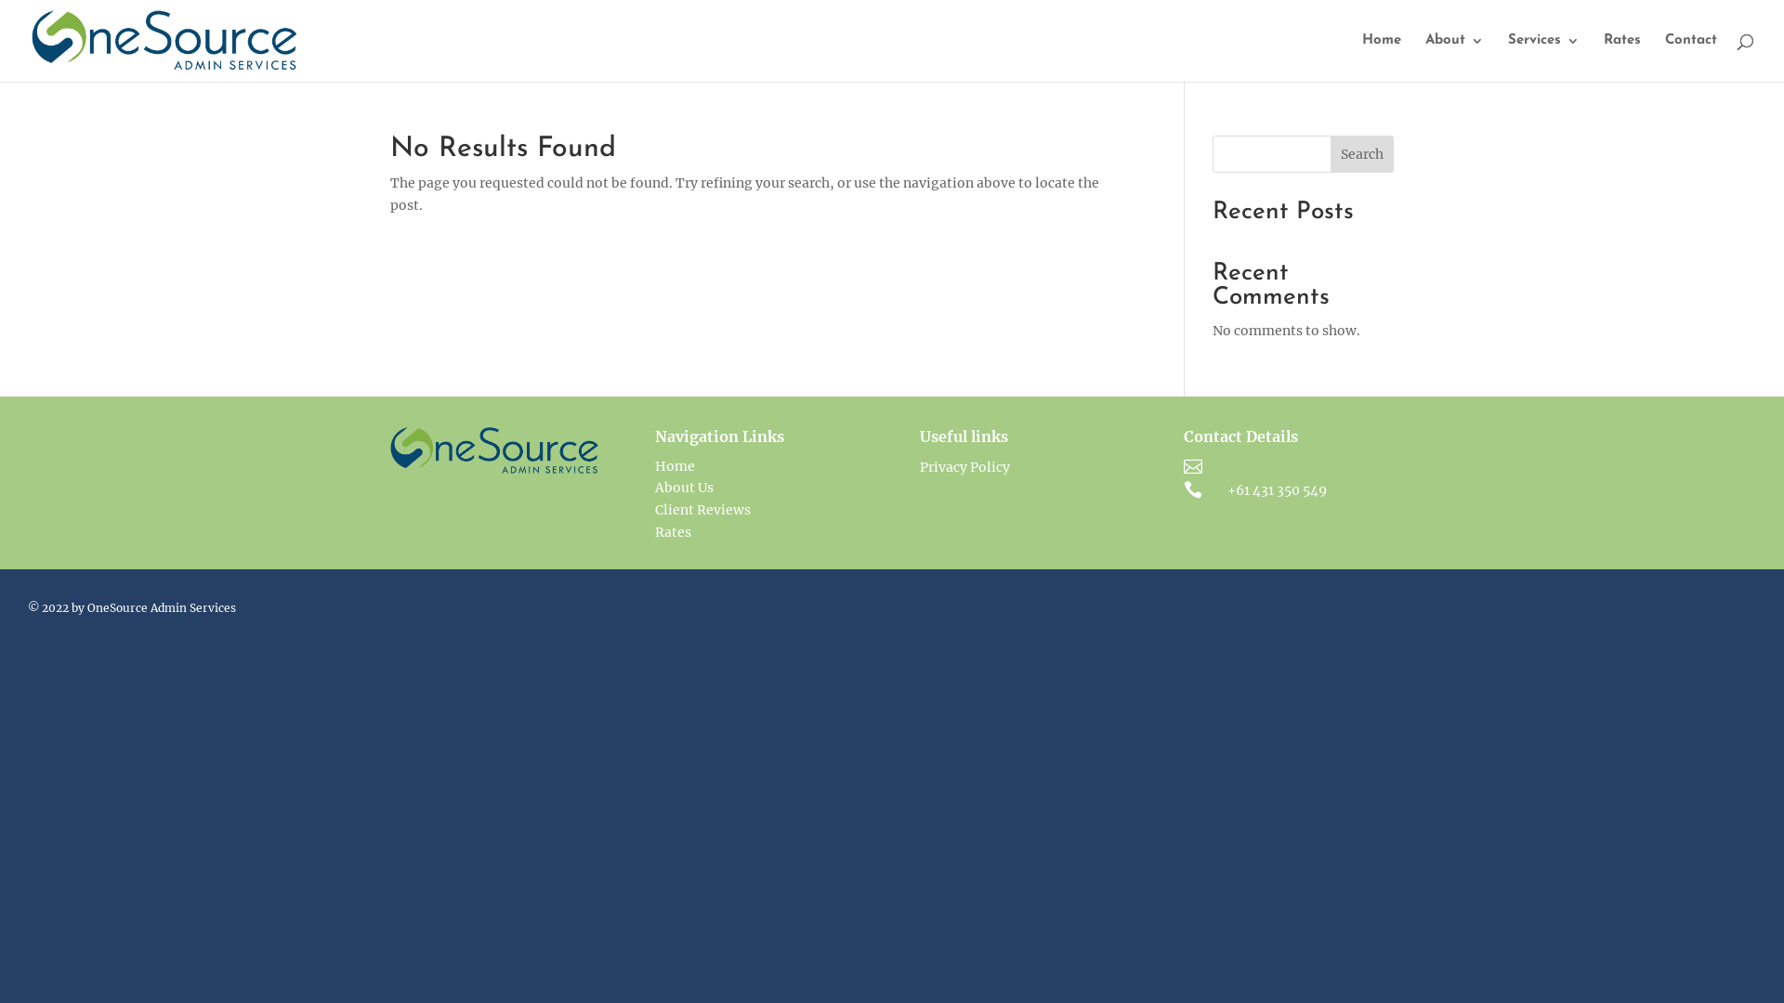 The width and height of the screenshot is (1784, 1003). Describe the element at coordinates (1453, 57) in the screenshot. I see `'About'` at that location.